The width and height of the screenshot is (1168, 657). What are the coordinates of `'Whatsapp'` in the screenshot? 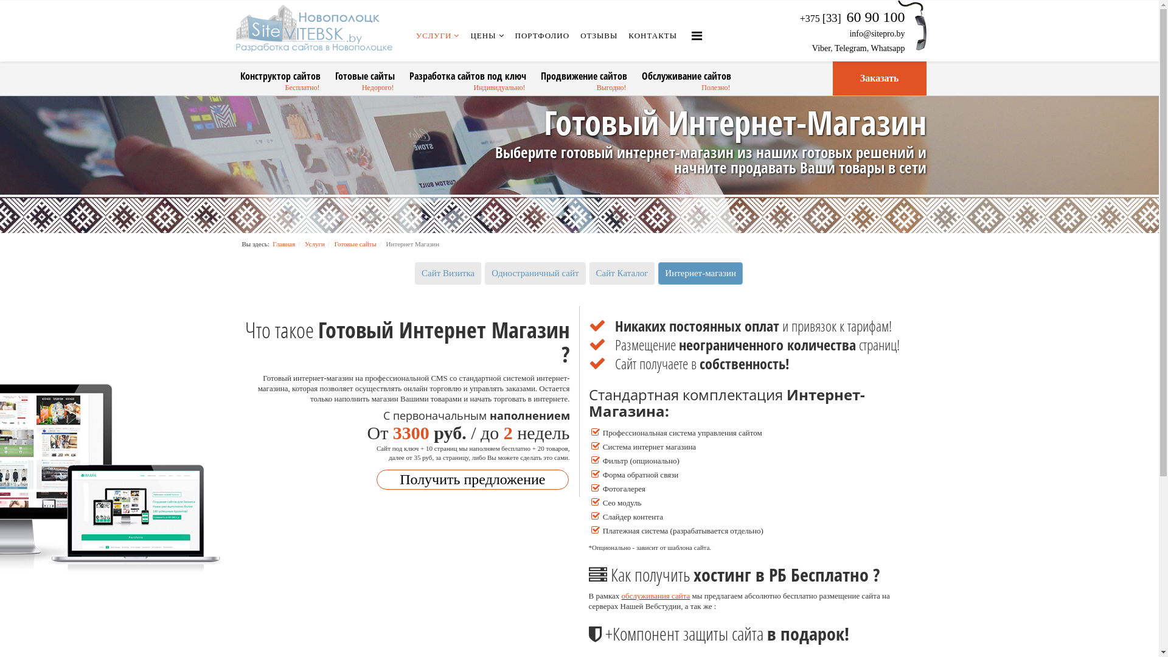 It's located at (870, 47).